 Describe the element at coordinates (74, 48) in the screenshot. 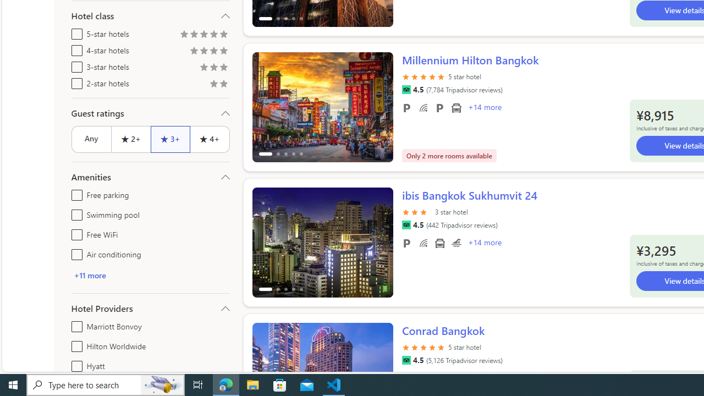

I see `'4-star hotels'` at that location.